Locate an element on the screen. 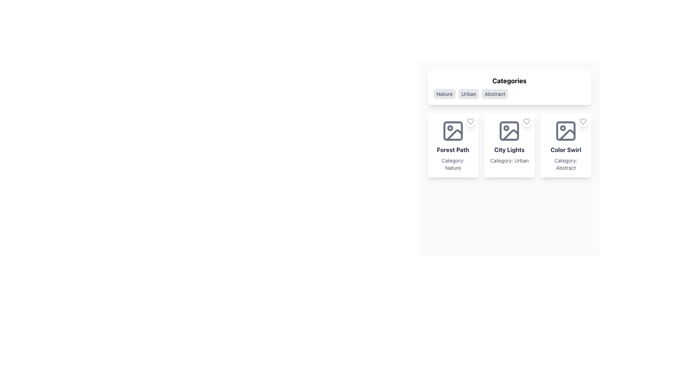  the Heart icon located in the top-right corner of the 'City Lights' card under the 'Categories' header is located at coordinates (527, 121).